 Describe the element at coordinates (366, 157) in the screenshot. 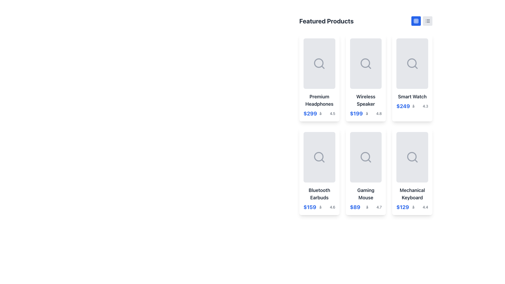

I see `the search icon represented by a magnifying glass outlined with a gray stroke, located in the second row and second column of the grid above the label 'Gaming Mouse'` at that location.